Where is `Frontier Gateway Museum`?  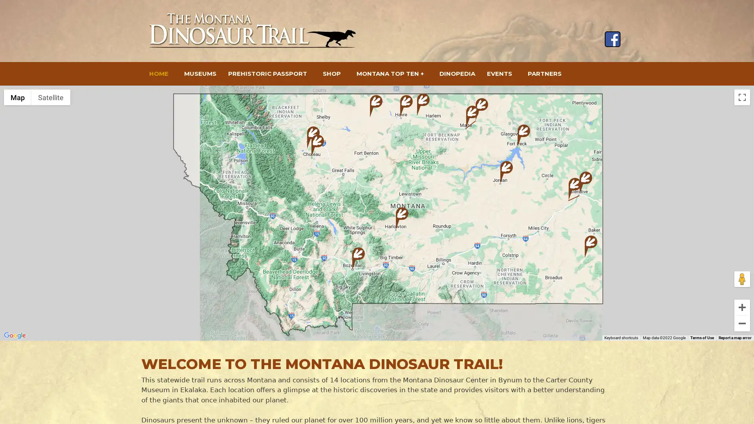
Frontier Gateway Museum is located at coordinates (586, 183).